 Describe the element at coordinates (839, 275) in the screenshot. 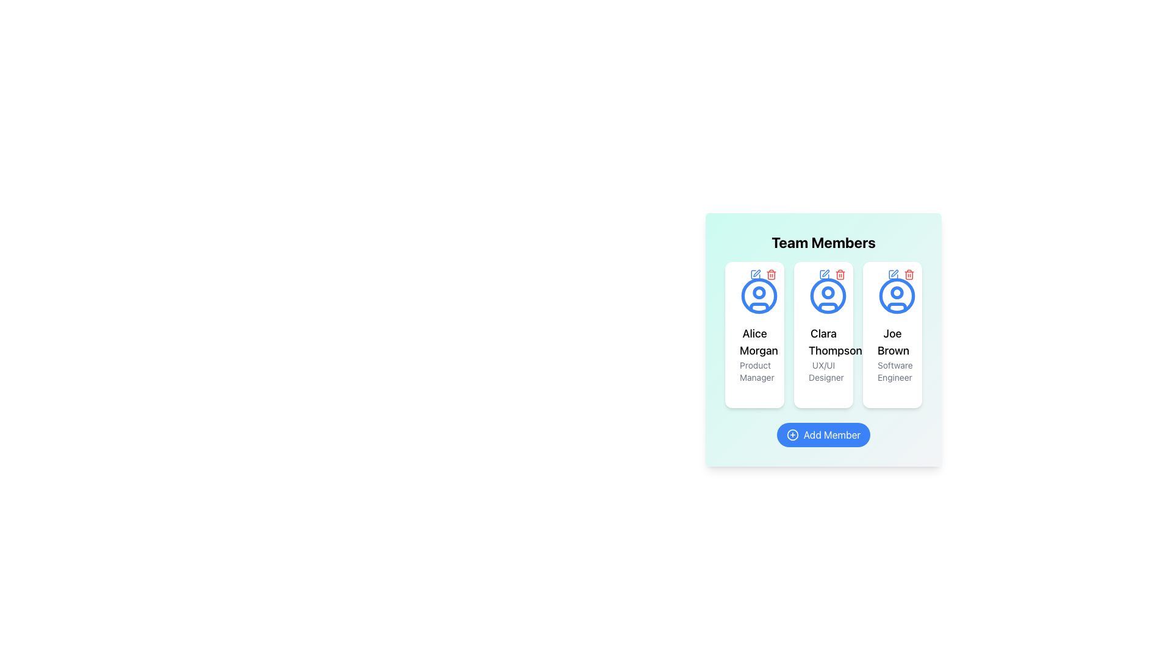

I see `the trash bin icon located in the upper-right corner of the profile card for 'Clara Thompson UX/UI Designer'` at that location.